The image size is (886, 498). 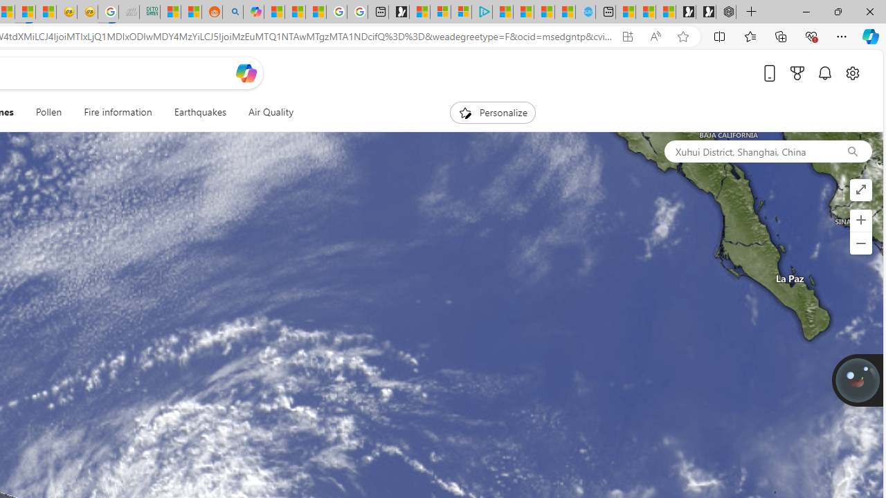 What do you see at coordinates (48, 112) in the screenshot?
I see `'Pollen'` at bounding box center [48, 112].